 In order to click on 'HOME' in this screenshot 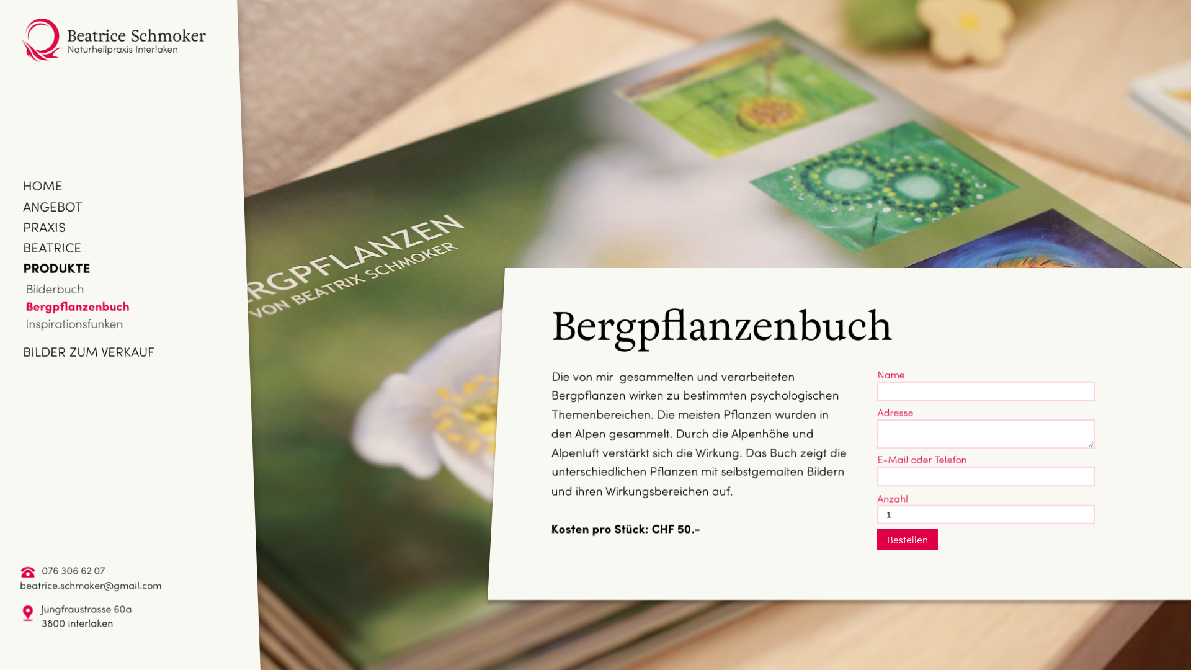, I will do `click(23, 184)`.